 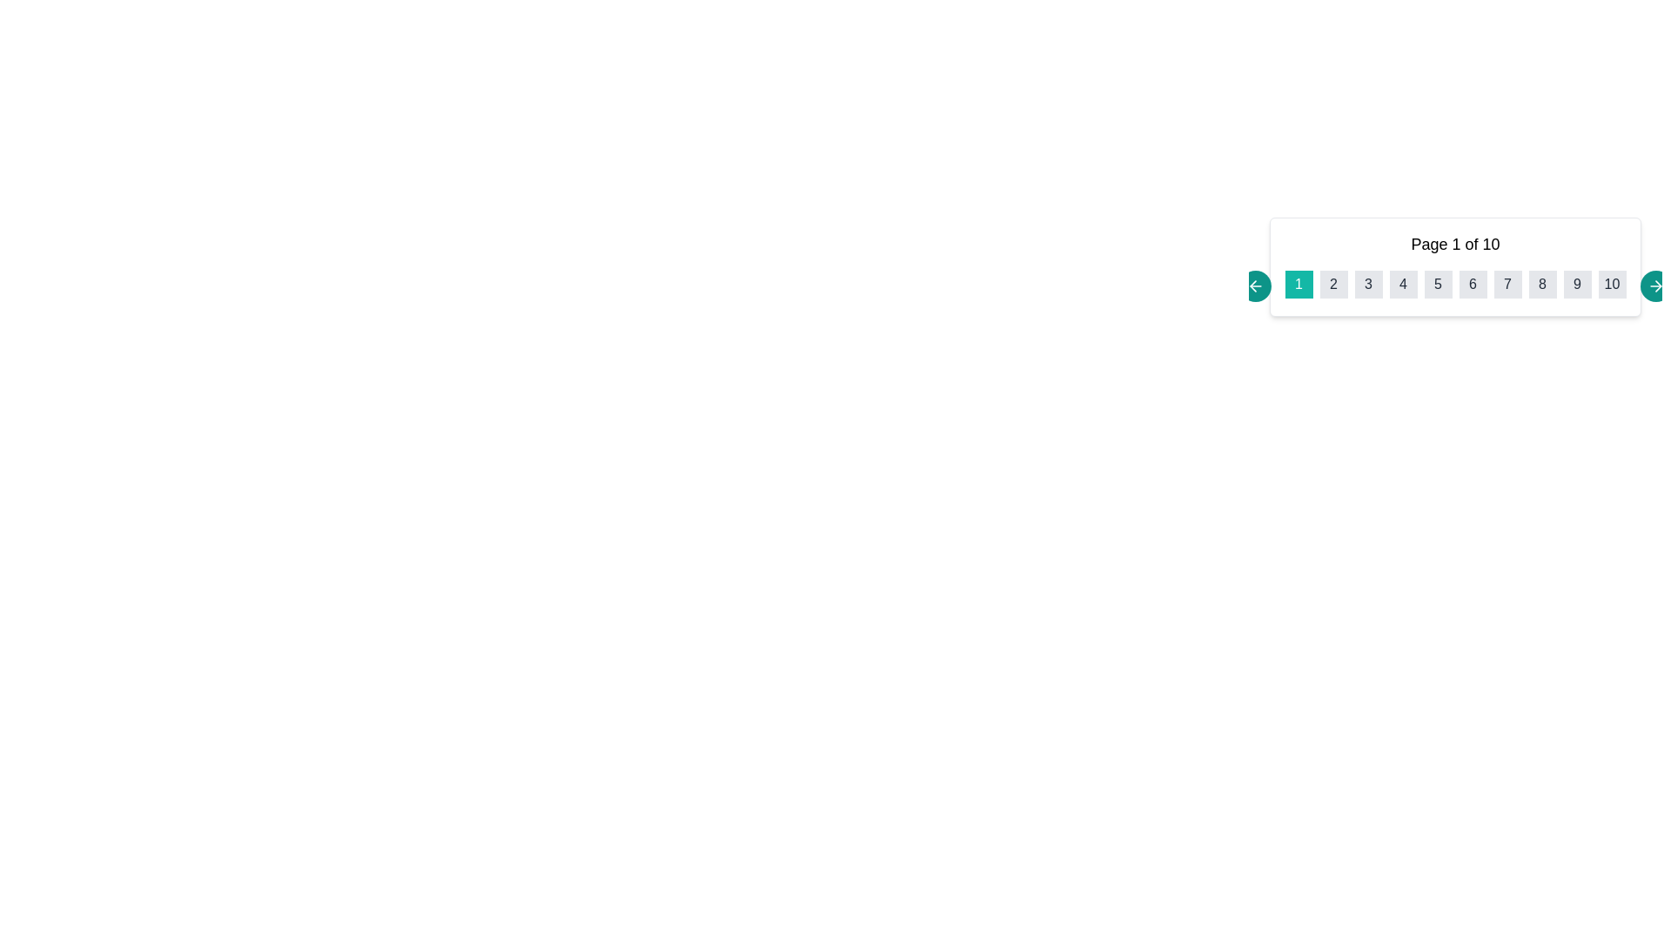 What do you see at coordinates (1367, 284) in the screenshot?
I see `the third pagination button` at bounding box center [1367, 284].